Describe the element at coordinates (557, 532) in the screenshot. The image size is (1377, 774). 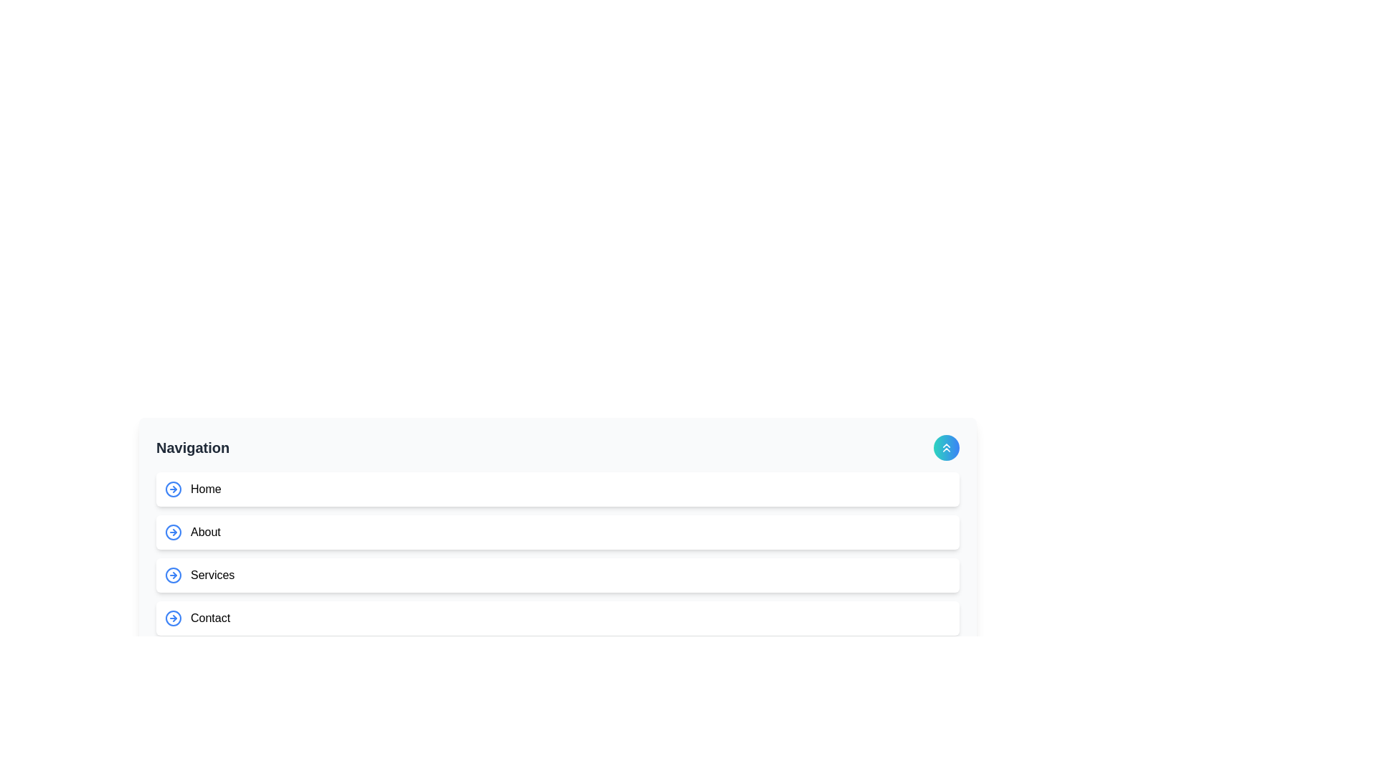
I see `the 'About' button, which is the second item in a vertical menu list, located between 'Home' and 'Services'` at that location.